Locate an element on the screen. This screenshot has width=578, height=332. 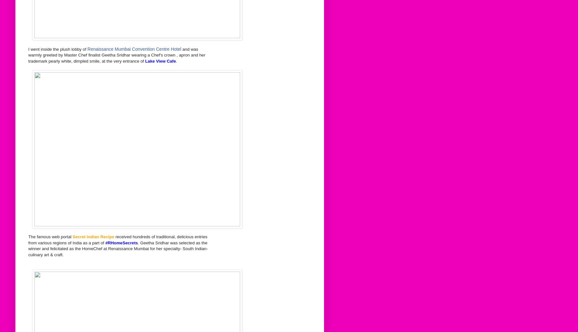
'Secret Indian Recipe' is located at coordinates (93, 237).